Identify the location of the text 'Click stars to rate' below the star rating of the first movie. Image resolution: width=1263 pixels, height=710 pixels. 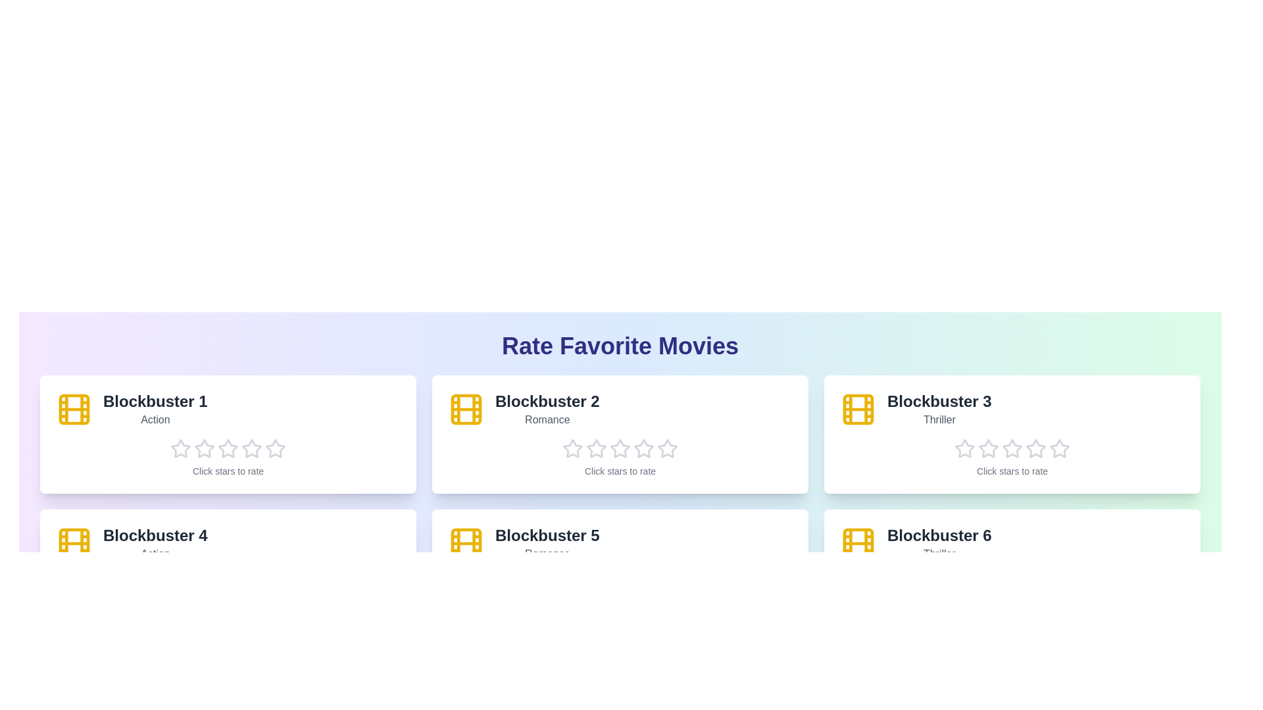
(228, 471).